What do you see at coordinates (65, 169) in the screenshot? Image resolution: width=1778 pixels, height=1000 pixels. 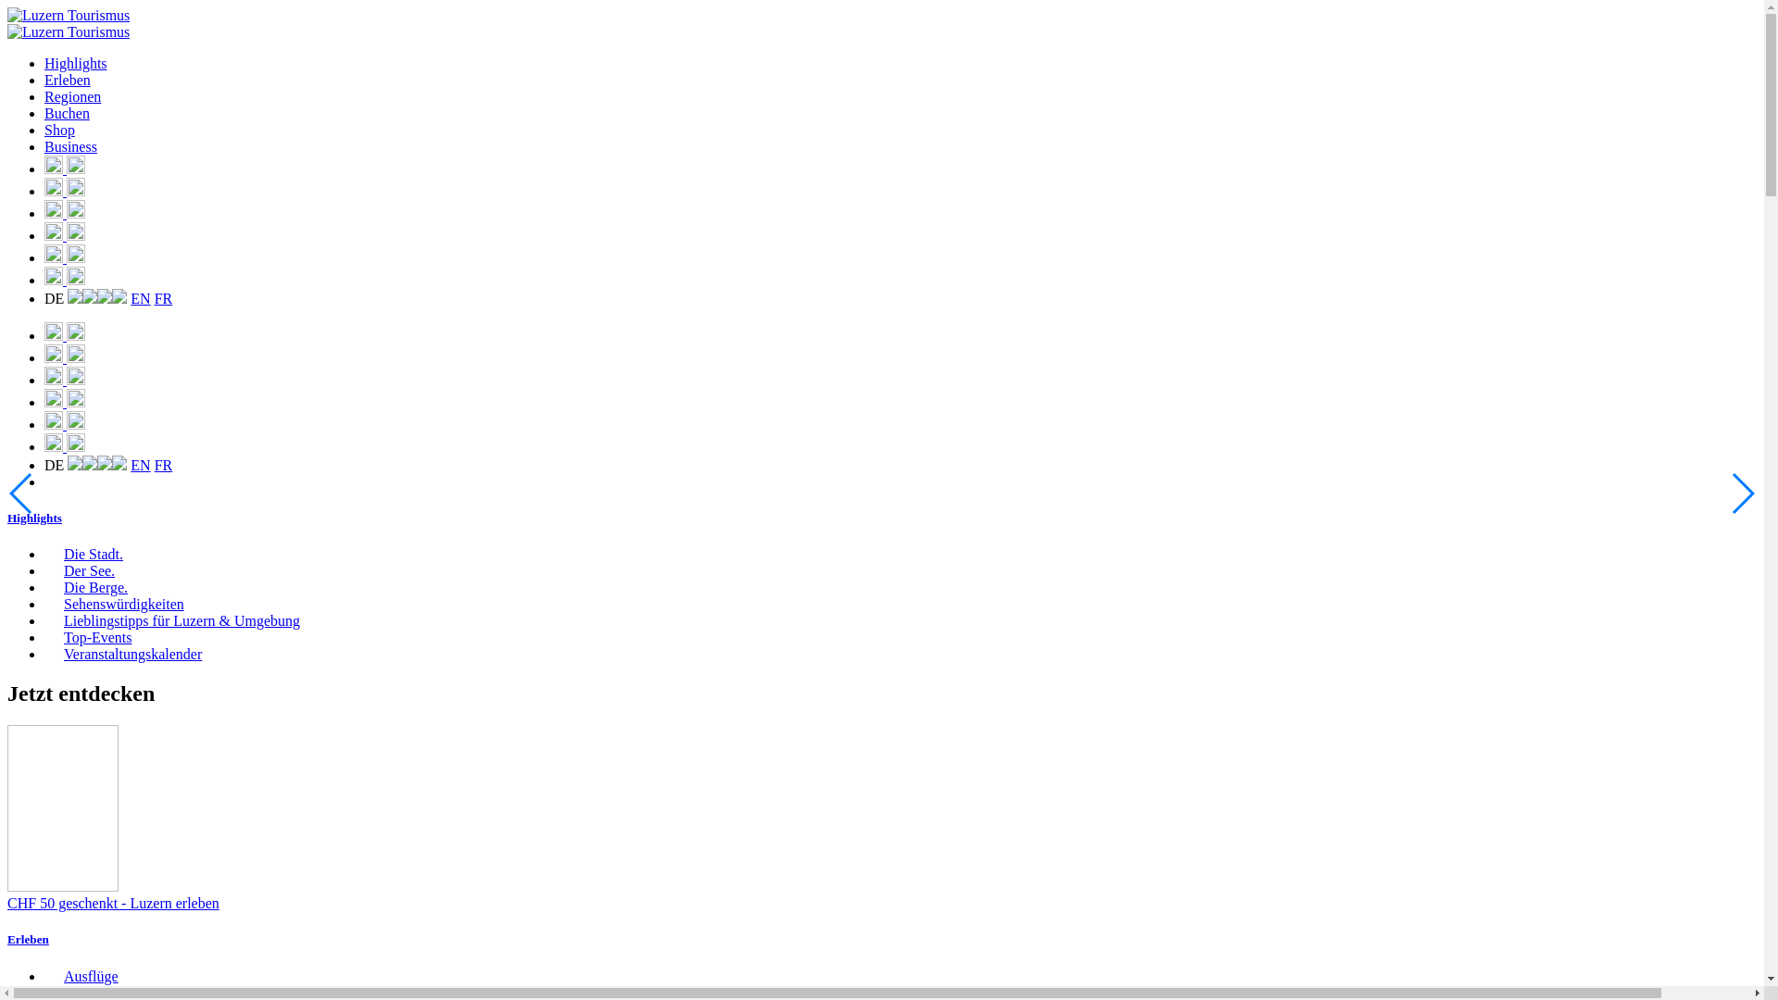 I see `'Erlebniskarte'` at bounding box center [65, 169].